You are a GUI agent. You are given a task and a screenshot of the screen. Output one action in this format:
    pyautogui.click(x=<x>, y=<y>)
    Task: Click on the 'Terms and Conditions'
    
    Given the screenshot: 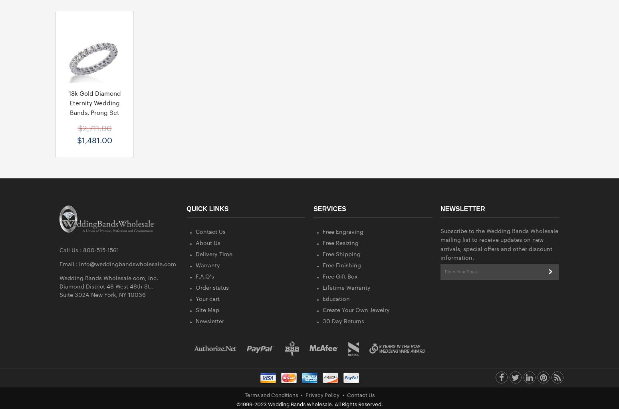 What is the action you would take?
    pyautogui.click(x=270, y=393)
    